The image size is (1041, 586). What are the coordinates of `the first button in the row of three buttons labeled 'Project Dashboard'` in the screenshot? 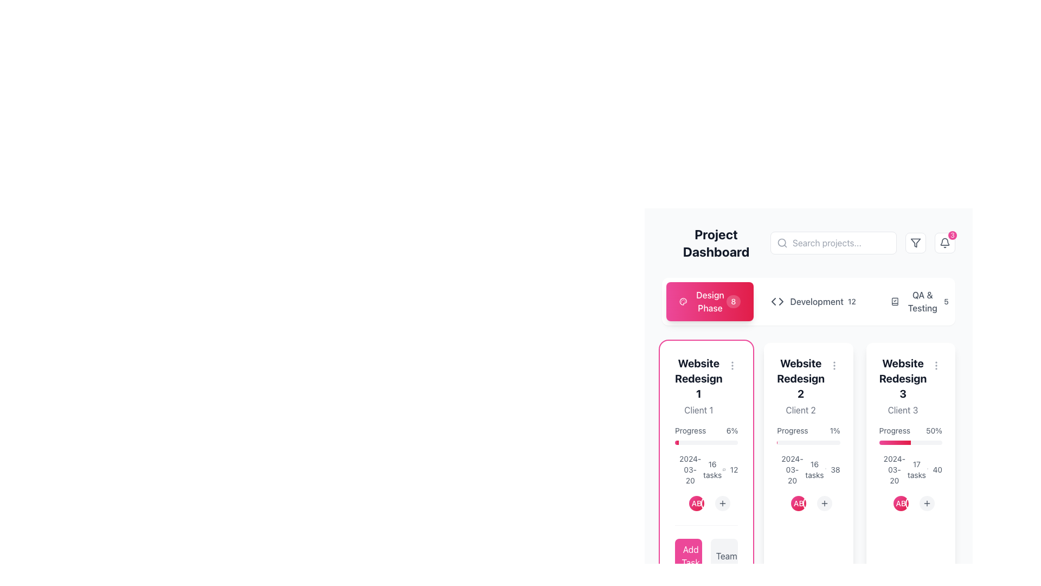 It's located at (710, 301).